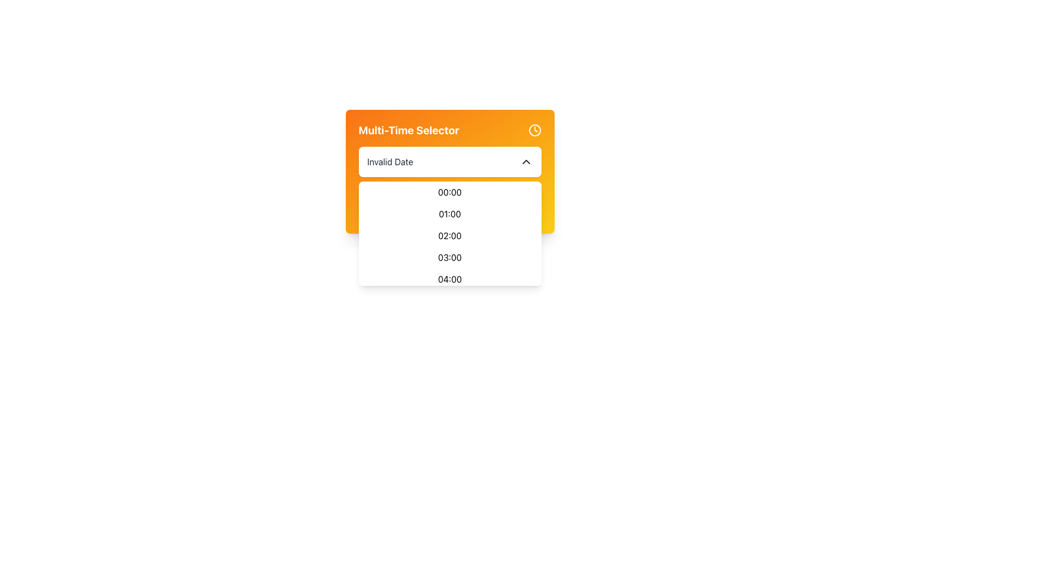 This screenshot has width=1044, height=587. Describe the element at coordinates (450, 161) in the screenshot. I see `the dropdown menu for time selection located below the 'Multi-Time Selector' title by` at that location.